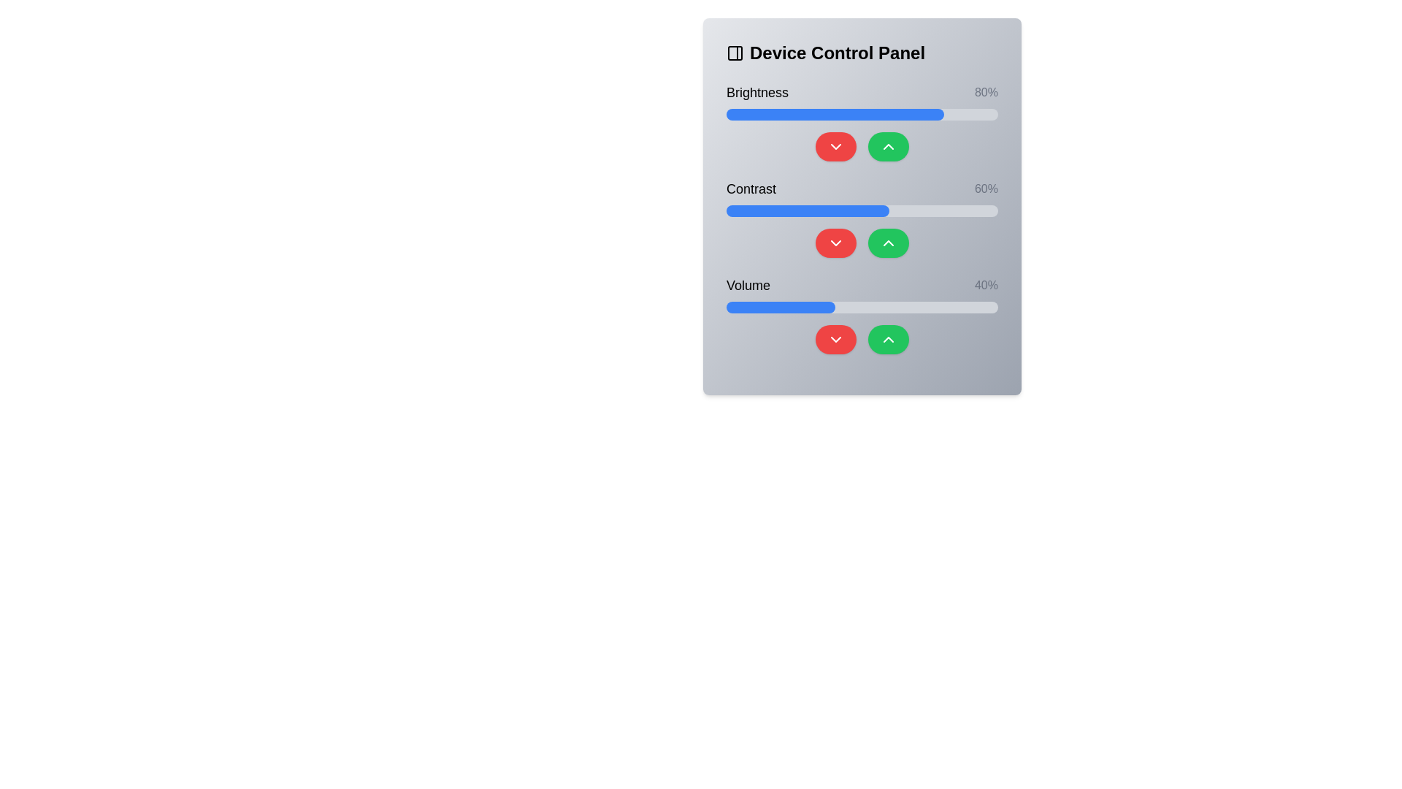  I want to click on the horizontal progress bar under the 'Brightness' label in the 'Device Control Panel', which is styled as a rounded rectangle and filled 80% with blue, so click(862, 114).